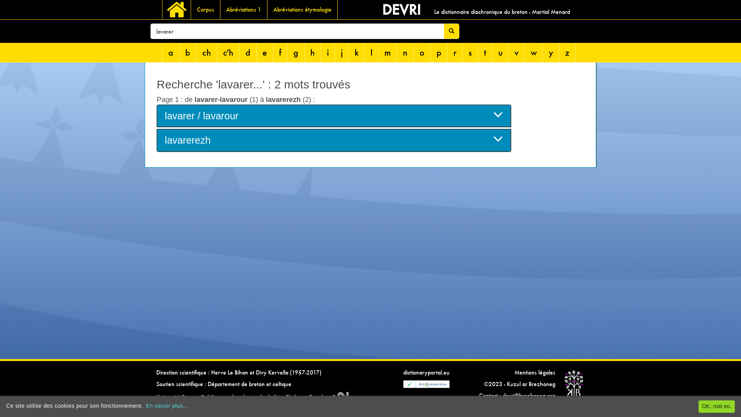 Image resolution: width=741 pixels, height=417 pixels. Describe the element at coordinates (426, 372) in the screenshot. I see `'dictionaryportal.eu'` at that location.